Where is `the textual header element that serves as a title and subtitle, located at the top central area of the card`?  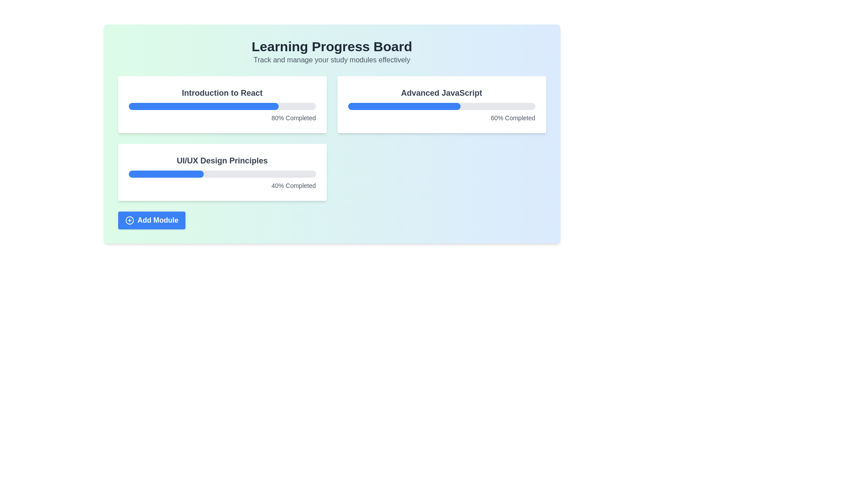
the textual header element that serves as a title and subtitle, located at the top central area of the card is located at coordinates (331, 52).